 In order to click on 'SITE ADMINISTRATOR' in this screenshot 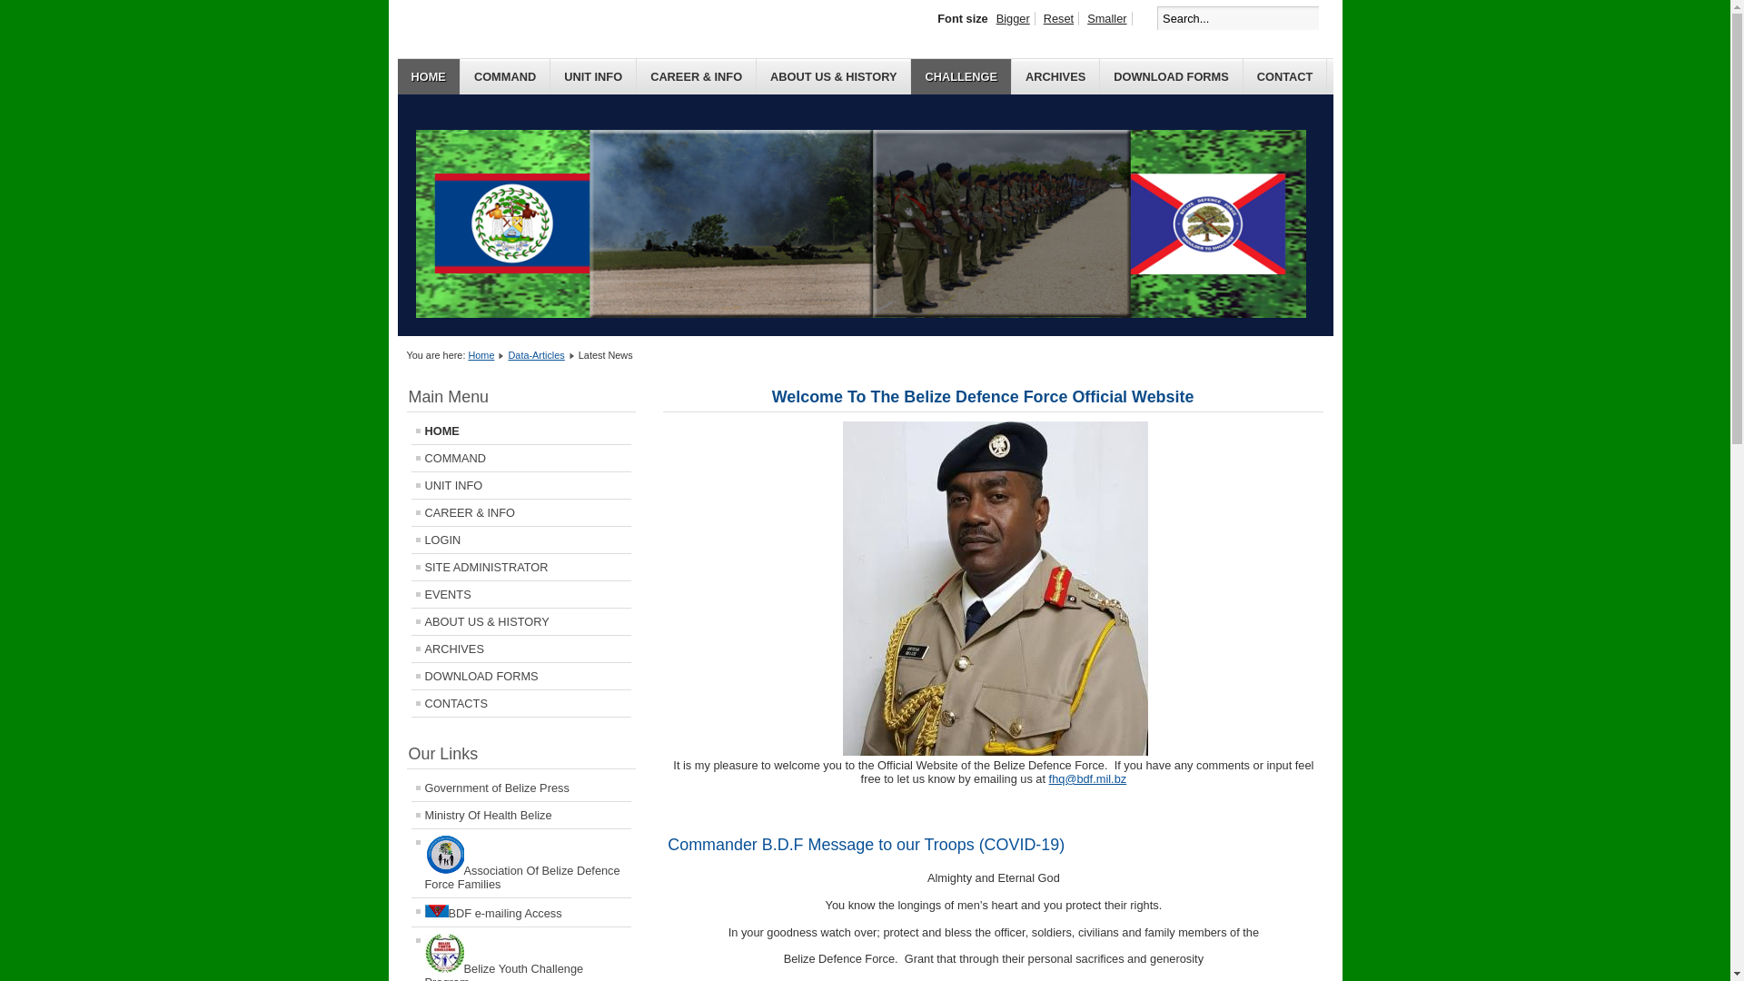, I will do `click(520, 566)`.